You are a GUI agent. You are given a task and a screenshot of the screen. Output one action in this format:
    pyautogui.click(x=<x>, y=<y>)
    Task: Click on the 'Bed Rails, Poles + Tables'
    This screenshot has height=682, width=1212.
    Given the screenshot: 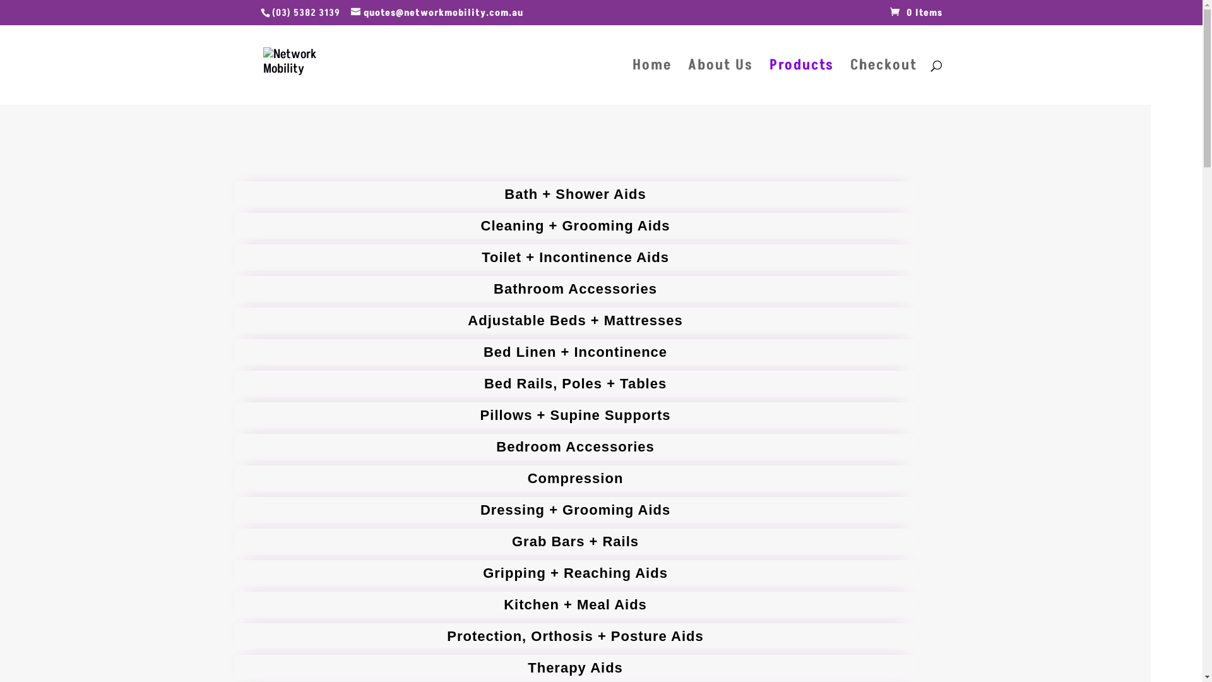 What is the action you would take?
    pyautogui.click(x=575, y=383)
    